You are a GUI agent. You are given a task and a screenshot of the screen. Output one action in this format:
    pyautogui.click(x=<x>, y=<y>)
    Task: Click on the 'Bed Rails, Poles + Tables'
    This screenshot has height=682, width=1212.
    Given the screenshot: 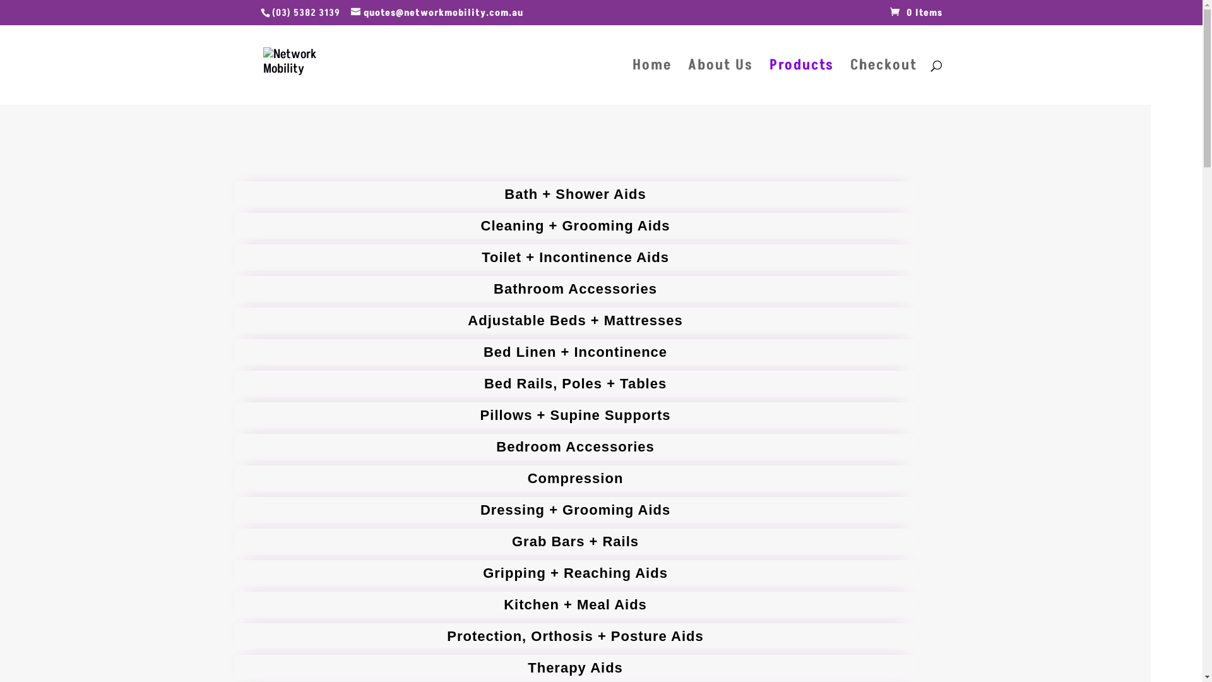 What is the action you would take?
    pyautogui.click(x=575, y=383)
    